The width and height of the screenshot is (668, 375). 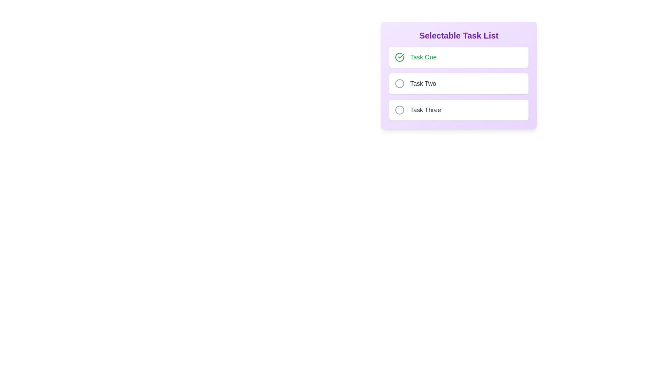 What do you see at coordinates (459, 57) in the screenshot?
I see `keyboard navigation` at bounding box center [459, 57].